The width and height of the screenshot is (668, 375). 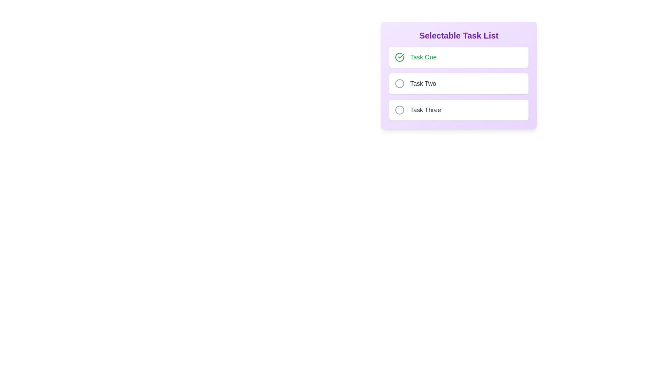 What do you see at coordinates (459, 57) in the screenshot?
I see `keyboard navigation` at bounding box center [459, 57].